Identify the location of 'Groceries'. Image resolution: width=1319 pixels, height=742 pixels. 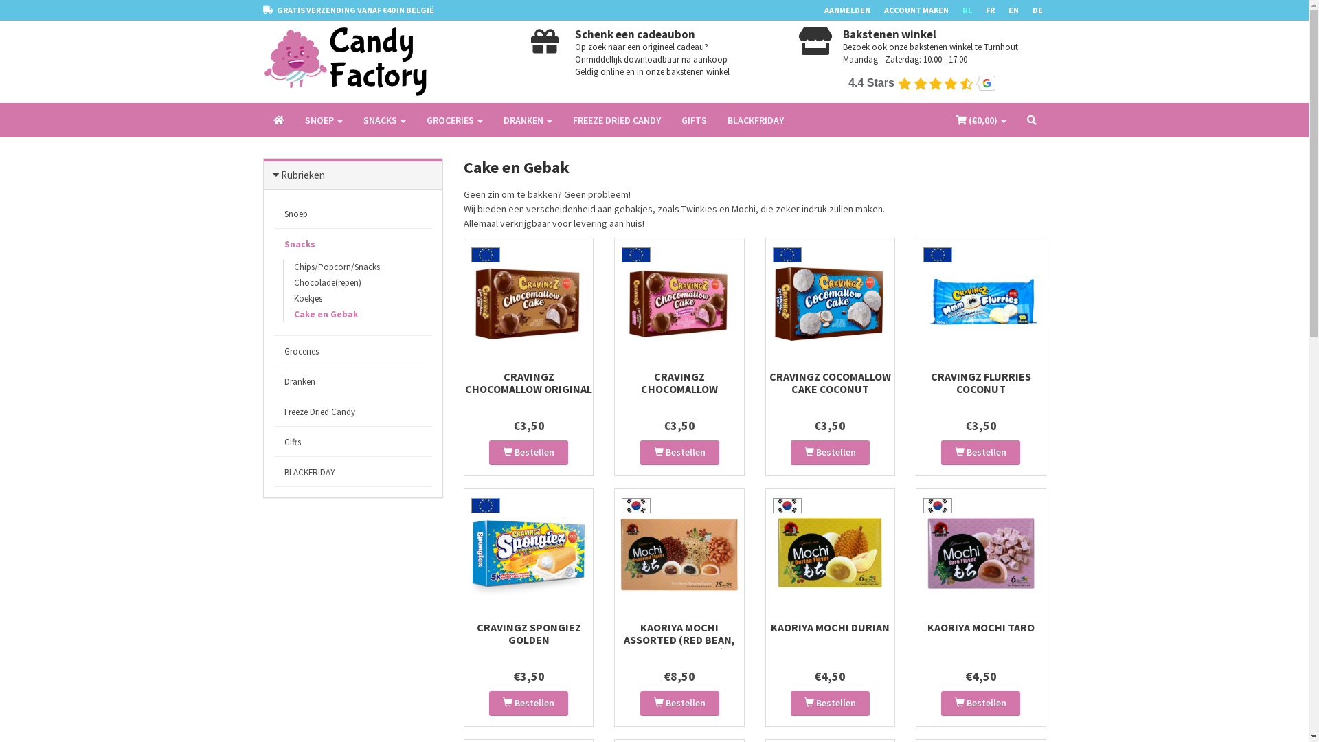
(352, 350).